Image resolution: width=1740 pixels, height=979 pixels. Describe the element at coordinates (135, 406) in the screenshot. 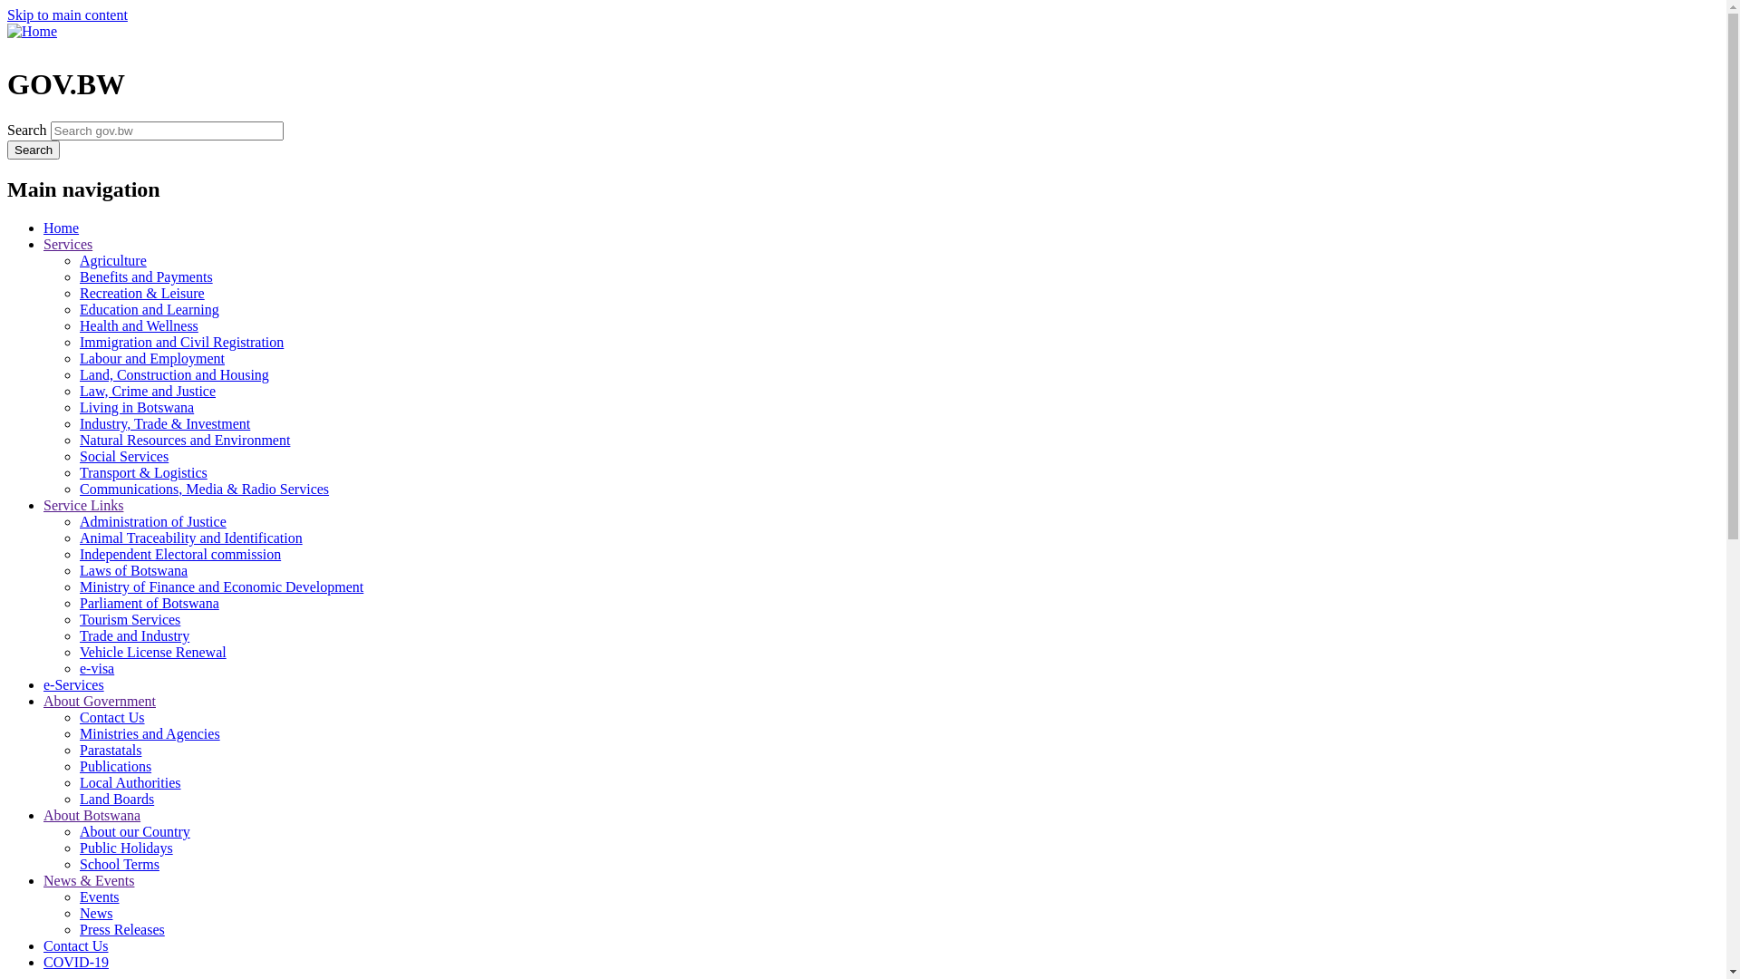

I see `'Living in Botswana'` at that location.